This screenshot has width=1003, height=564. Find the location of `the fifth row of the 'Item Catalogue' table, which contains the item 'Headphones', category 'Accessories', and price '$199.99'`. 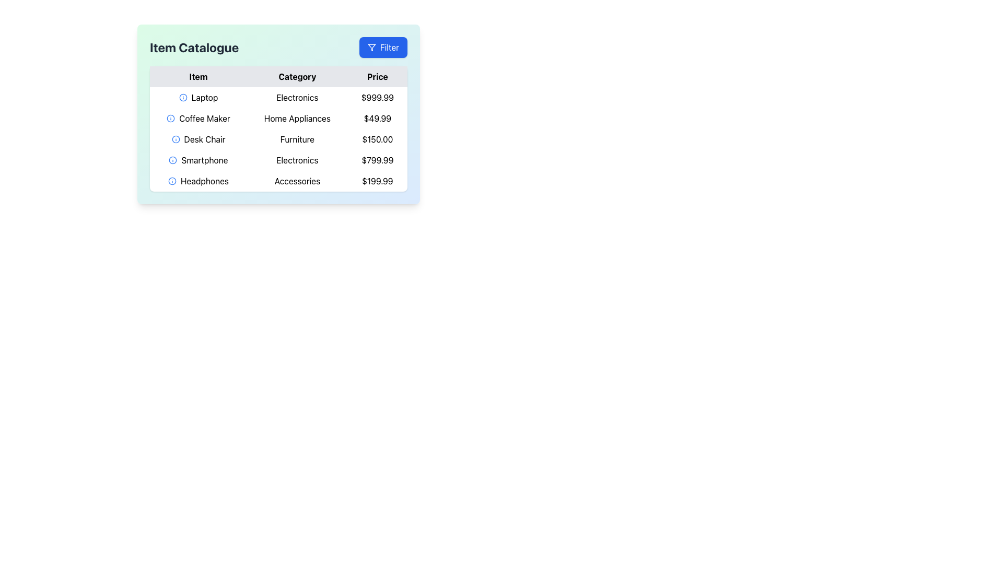

the fifth row of the 'Item Catalogue' table, which contains the item 'Headphones', category 'Accessories', and price '$199.99' is located at coordinates (278, 181).